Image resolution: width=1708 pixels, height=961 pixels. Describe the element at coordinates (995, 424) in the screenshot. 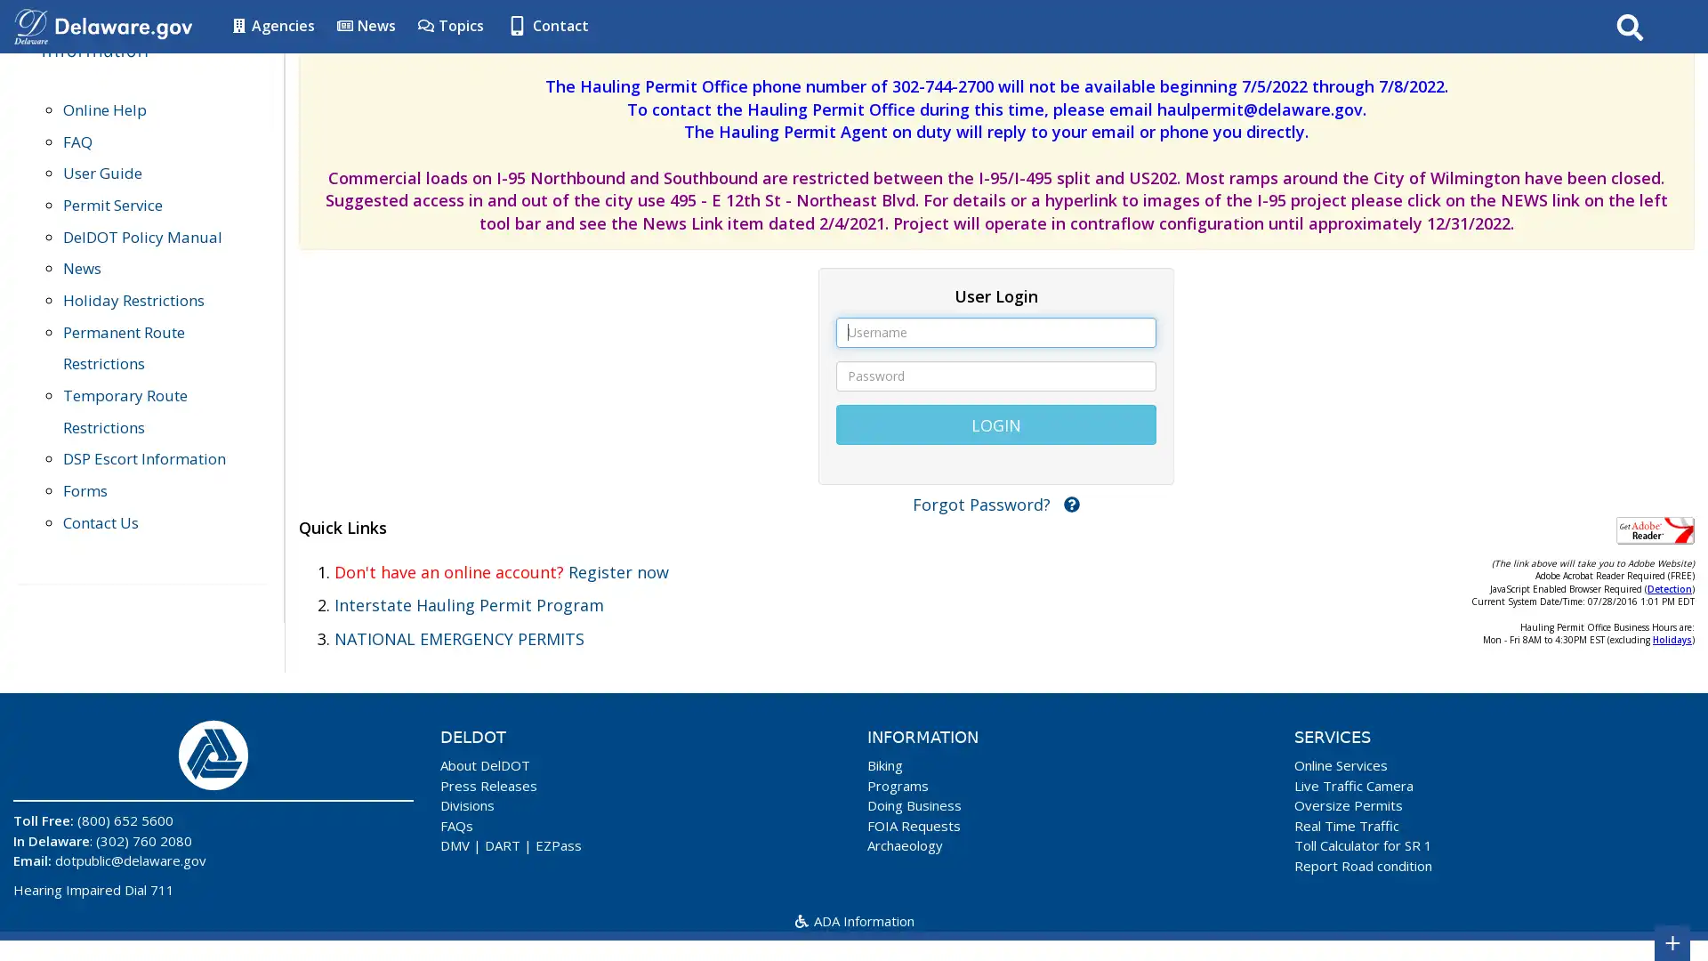

I see `Login` at that location.